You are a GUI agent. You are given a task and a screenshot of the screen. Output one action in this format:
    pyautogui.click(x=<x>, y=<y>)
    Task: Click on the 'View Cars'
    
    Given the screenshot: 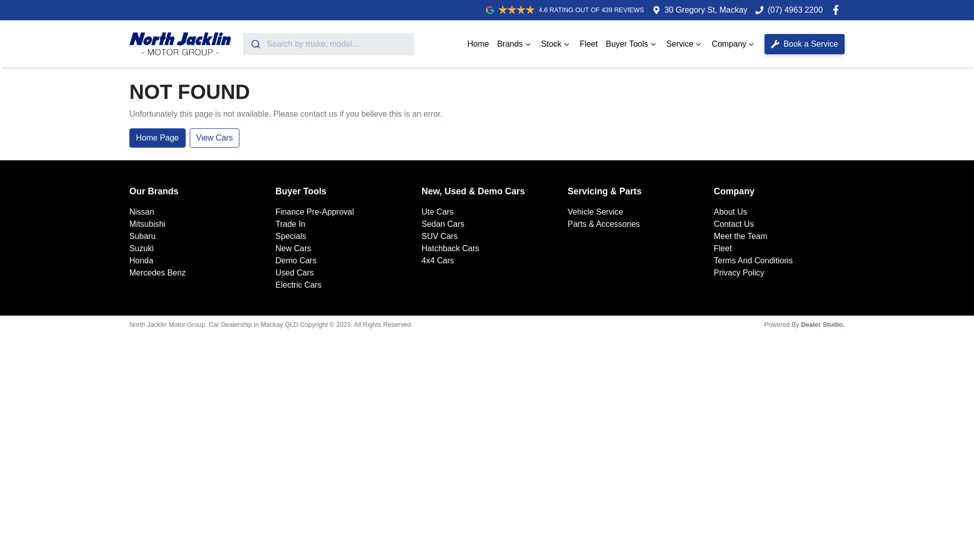 What is the action you would take?
    pyautogui.click(x=214, y=138)
    